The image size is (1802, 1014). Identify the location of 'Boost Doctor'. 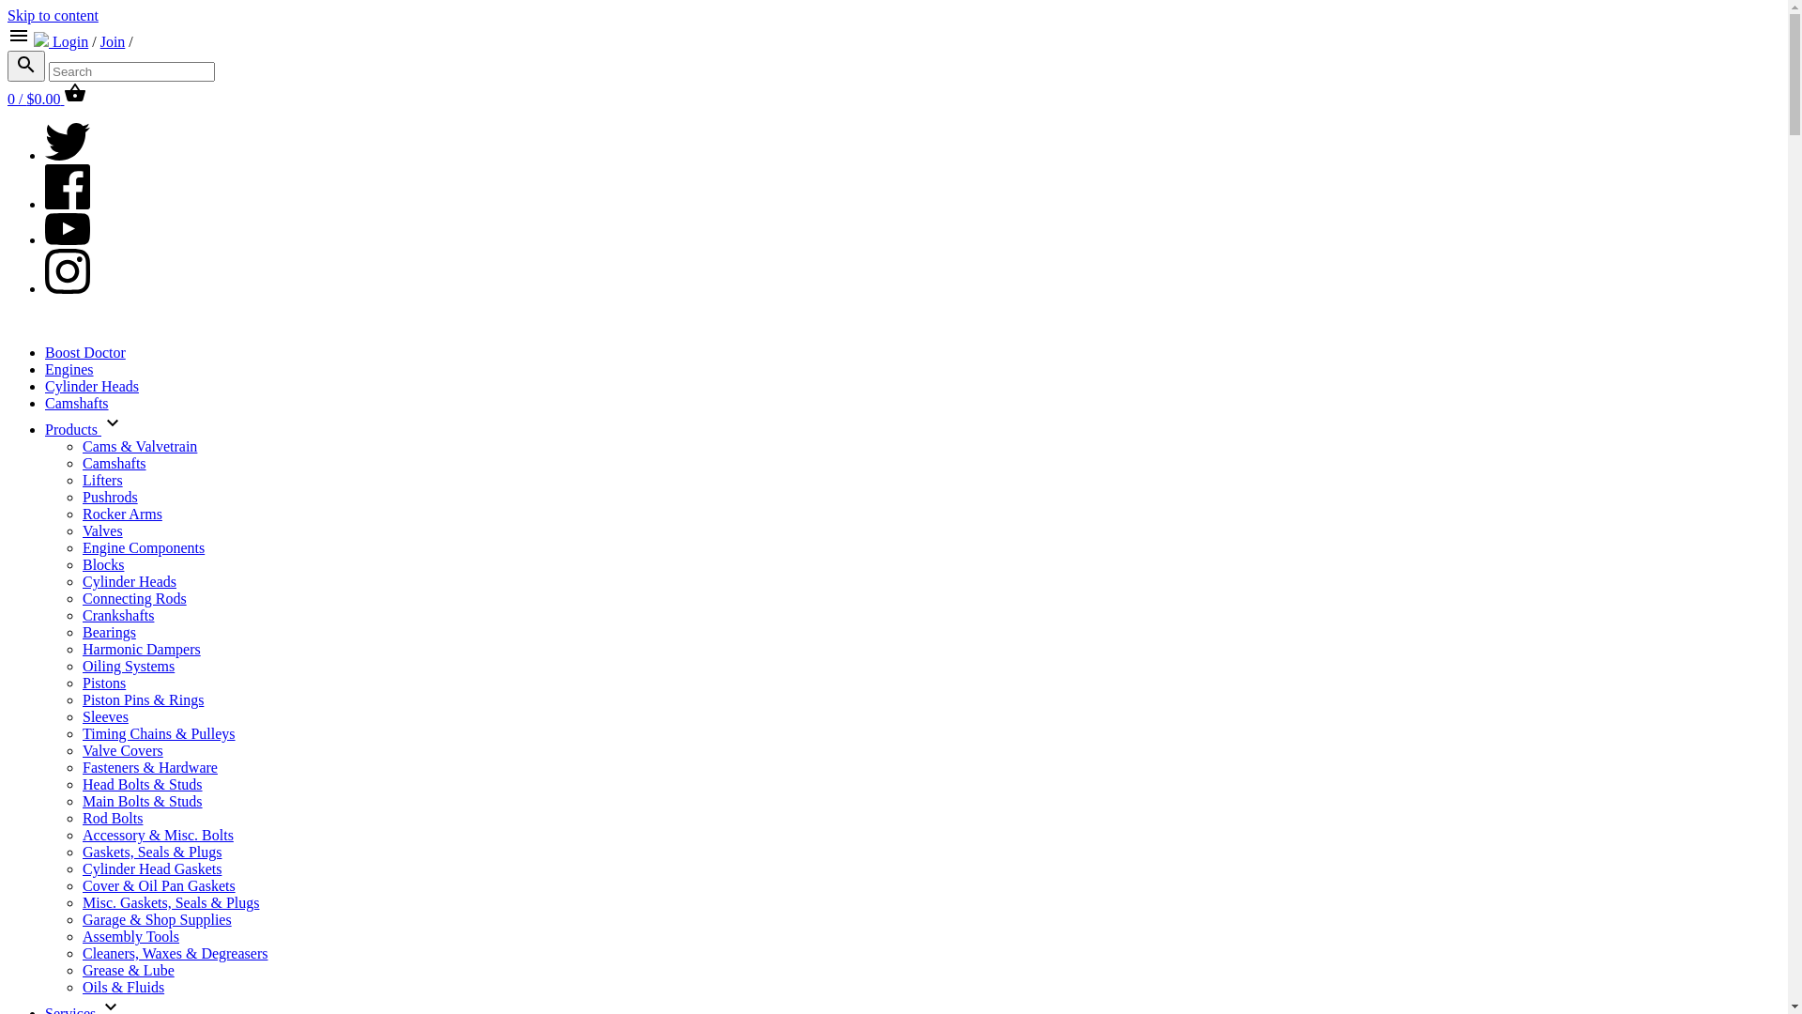
(45, 352).